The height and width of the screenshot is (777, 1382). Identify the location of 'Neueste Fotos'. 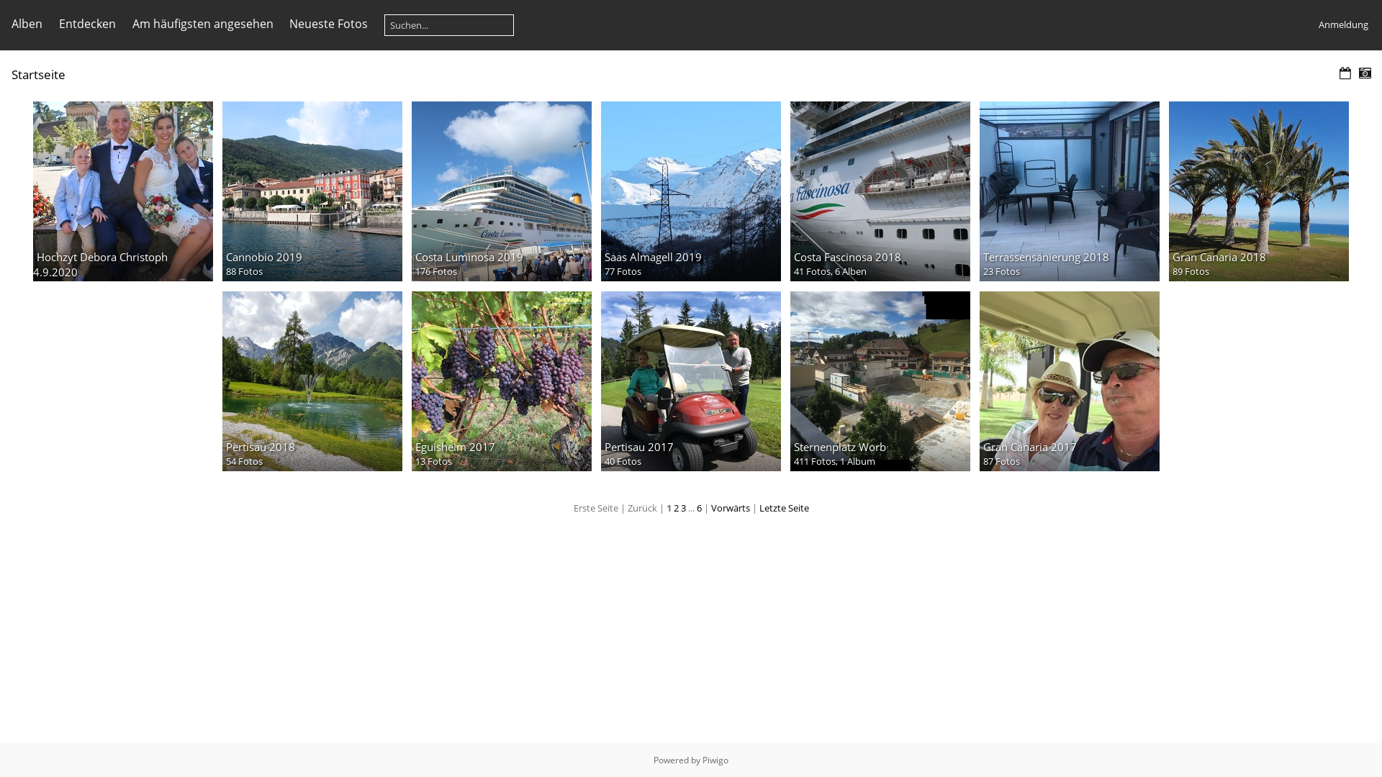
(328, 24).